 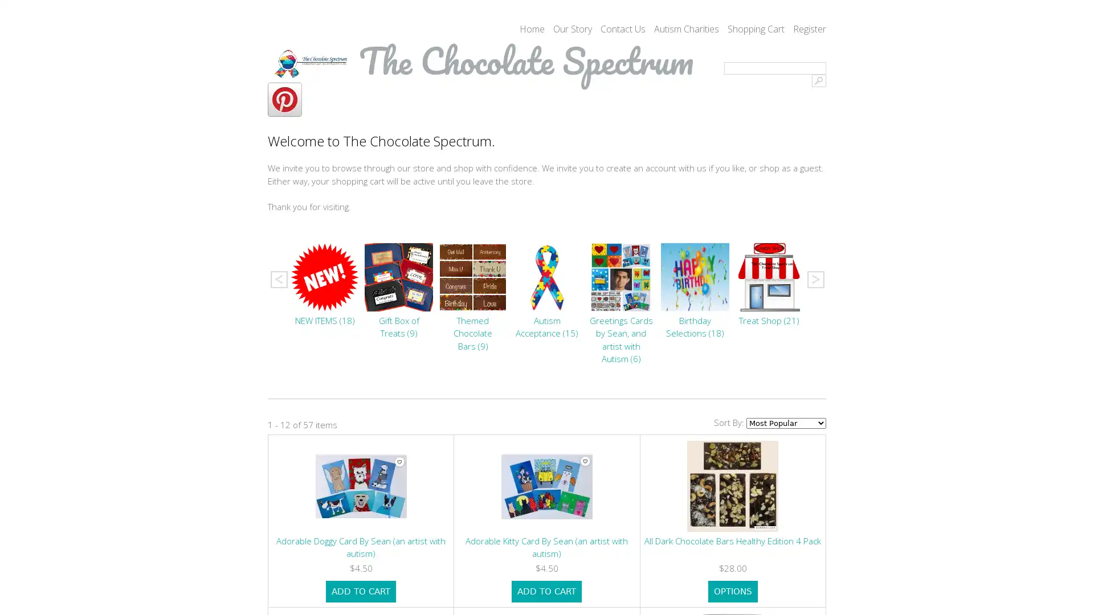 I want to click on Options, so click(x=732, y=591).